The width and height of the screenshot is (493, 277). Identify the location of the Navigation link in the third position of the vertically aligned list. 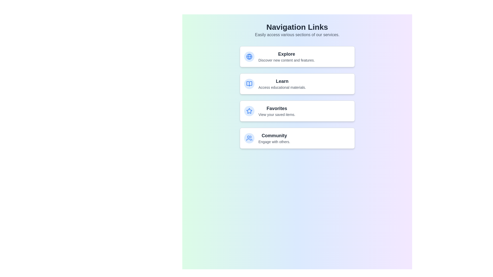
(297, 111).